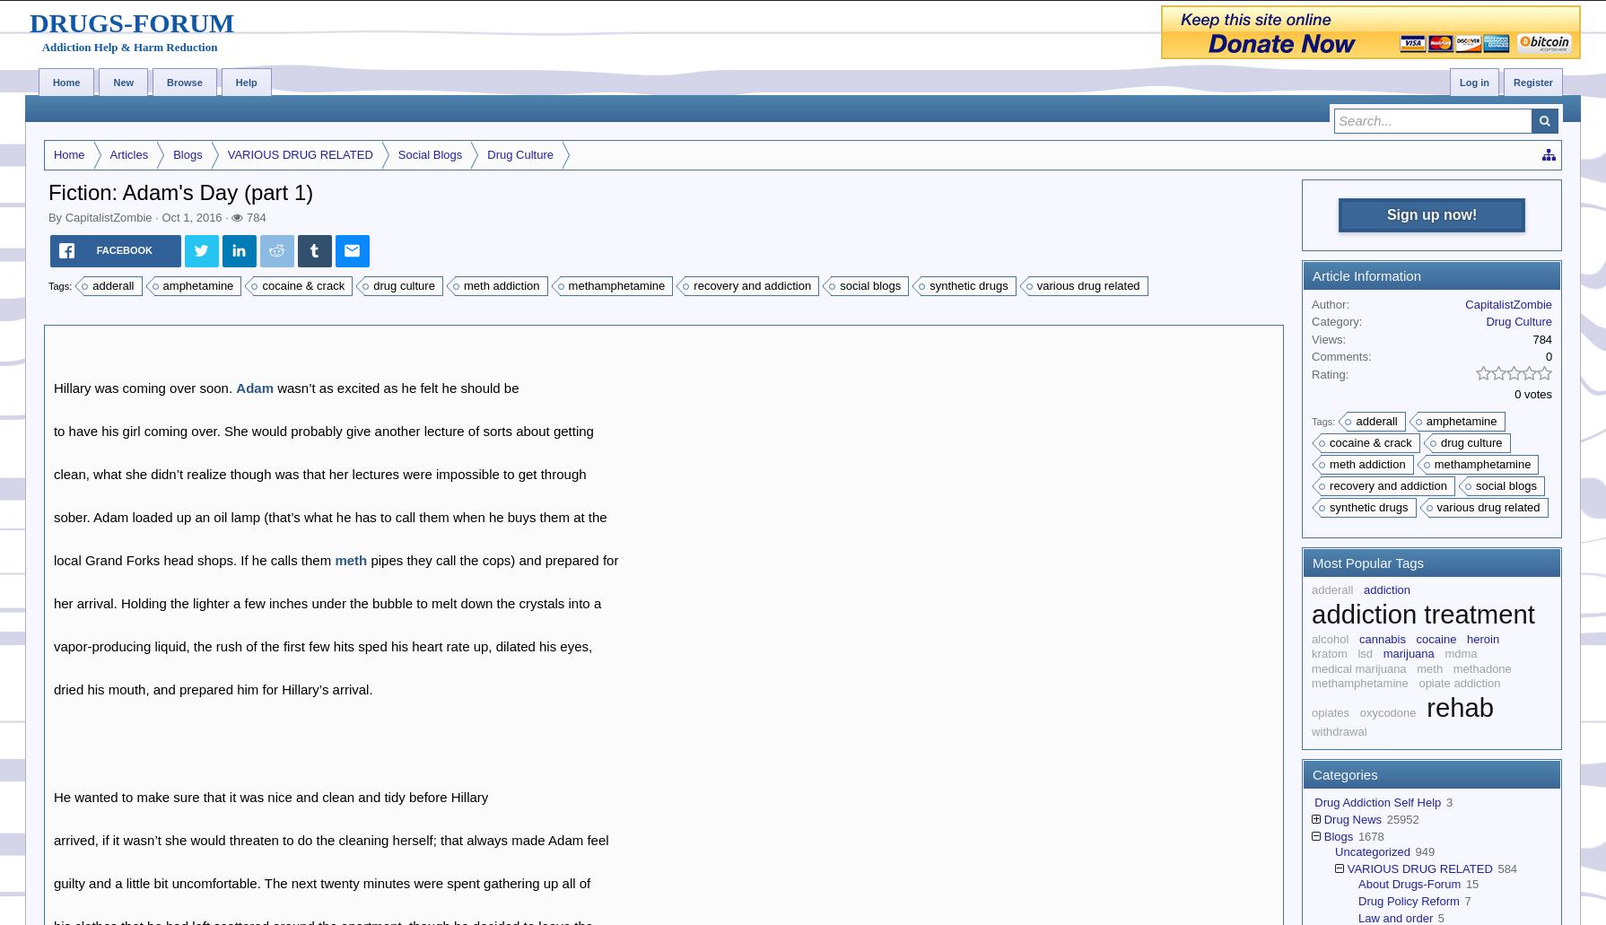 The height and width of the screenshot is (925, 1606). Describe the element at coordinates (336, 266) in the screenshot. I see `'eMail'` at that location.